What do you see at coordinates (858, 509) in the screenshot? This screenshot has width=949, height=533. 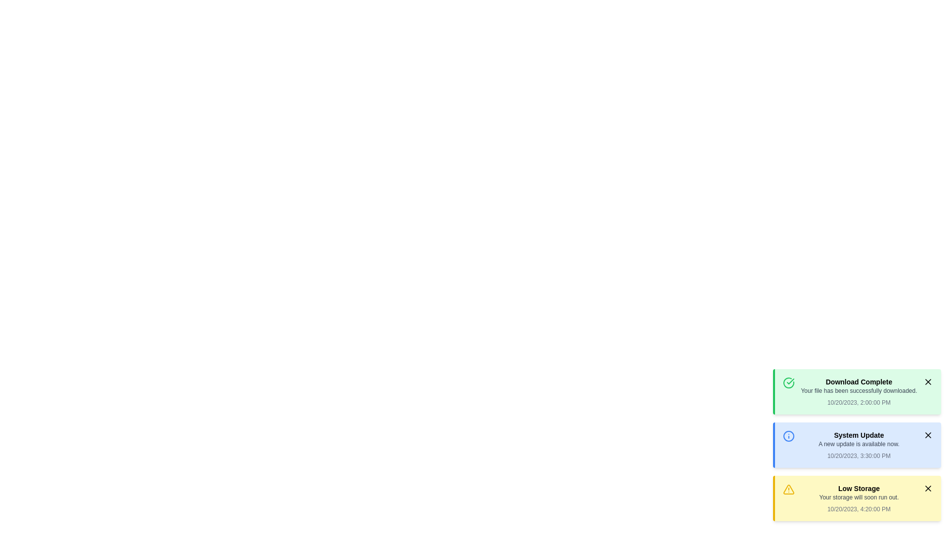 I see `the text label displaying '10/20/2023, 4:20:00 PM' at the bottom of the 'Low Storage' notification card` at bounding box center [858, 509].